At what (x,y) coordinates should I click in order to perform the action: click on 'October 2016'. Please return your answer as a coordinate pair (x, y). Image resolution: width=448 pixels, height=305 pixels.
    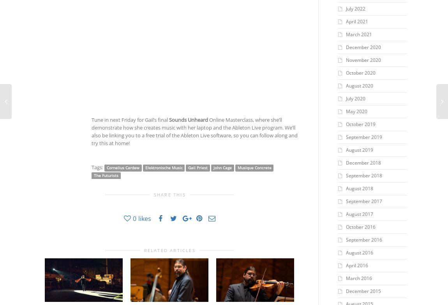
    Looking at the image, I should click on (360, 227).